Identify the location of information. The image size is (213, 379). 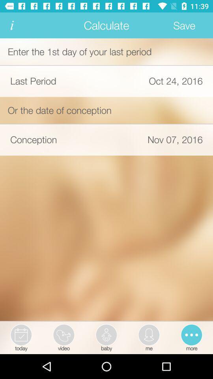
(11, 25).